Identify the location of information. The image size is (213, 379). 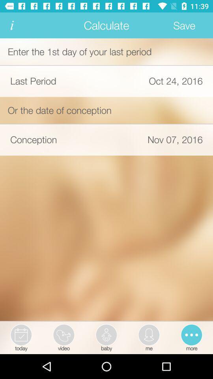
(11, 25).